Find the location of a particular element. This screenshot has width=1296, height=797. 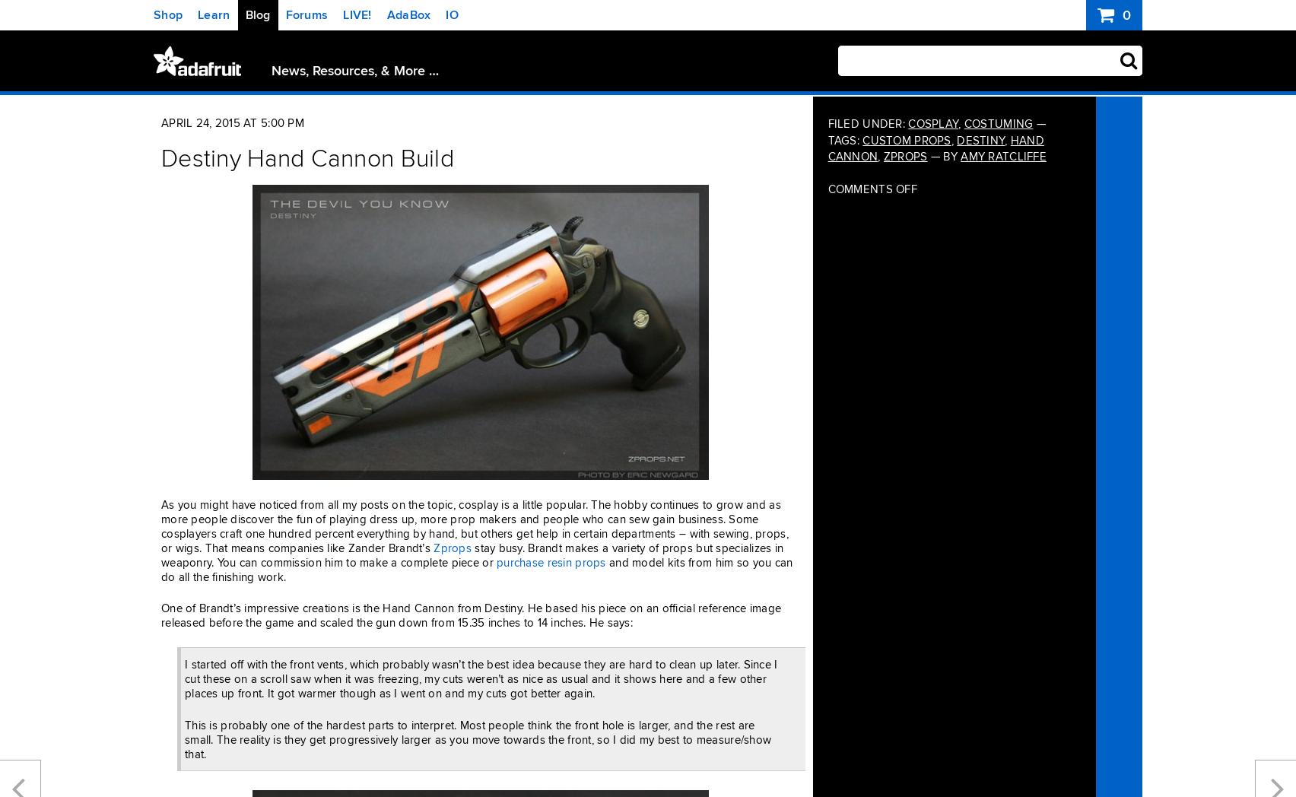

'costuming' is located at coordinates (998, 123).